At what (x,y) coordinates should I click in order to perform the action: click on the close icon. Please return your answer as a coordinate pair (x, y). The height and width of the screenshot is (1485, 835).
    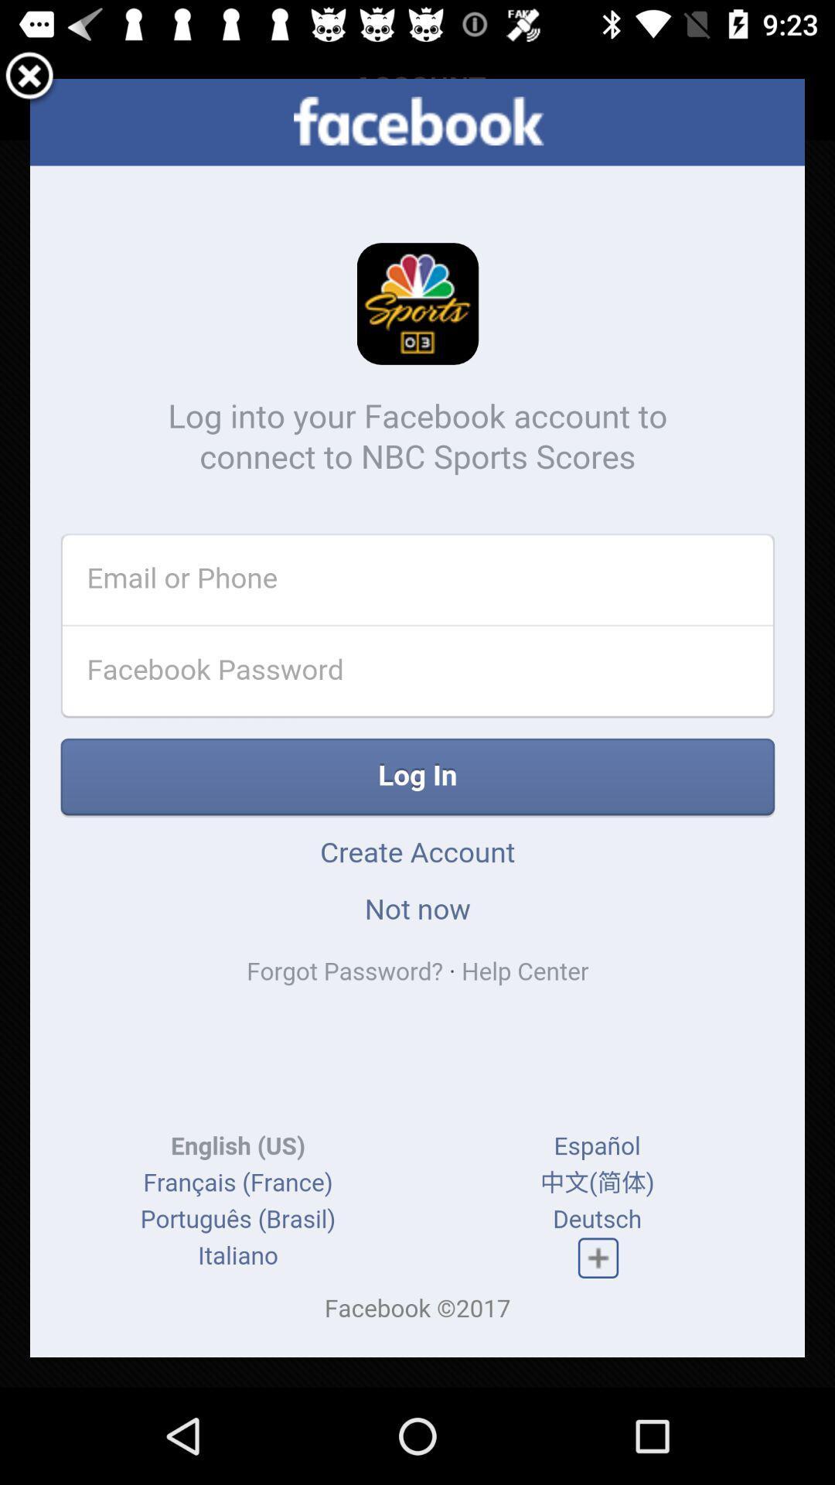
    Looking at the image, I should click on (29, 80).